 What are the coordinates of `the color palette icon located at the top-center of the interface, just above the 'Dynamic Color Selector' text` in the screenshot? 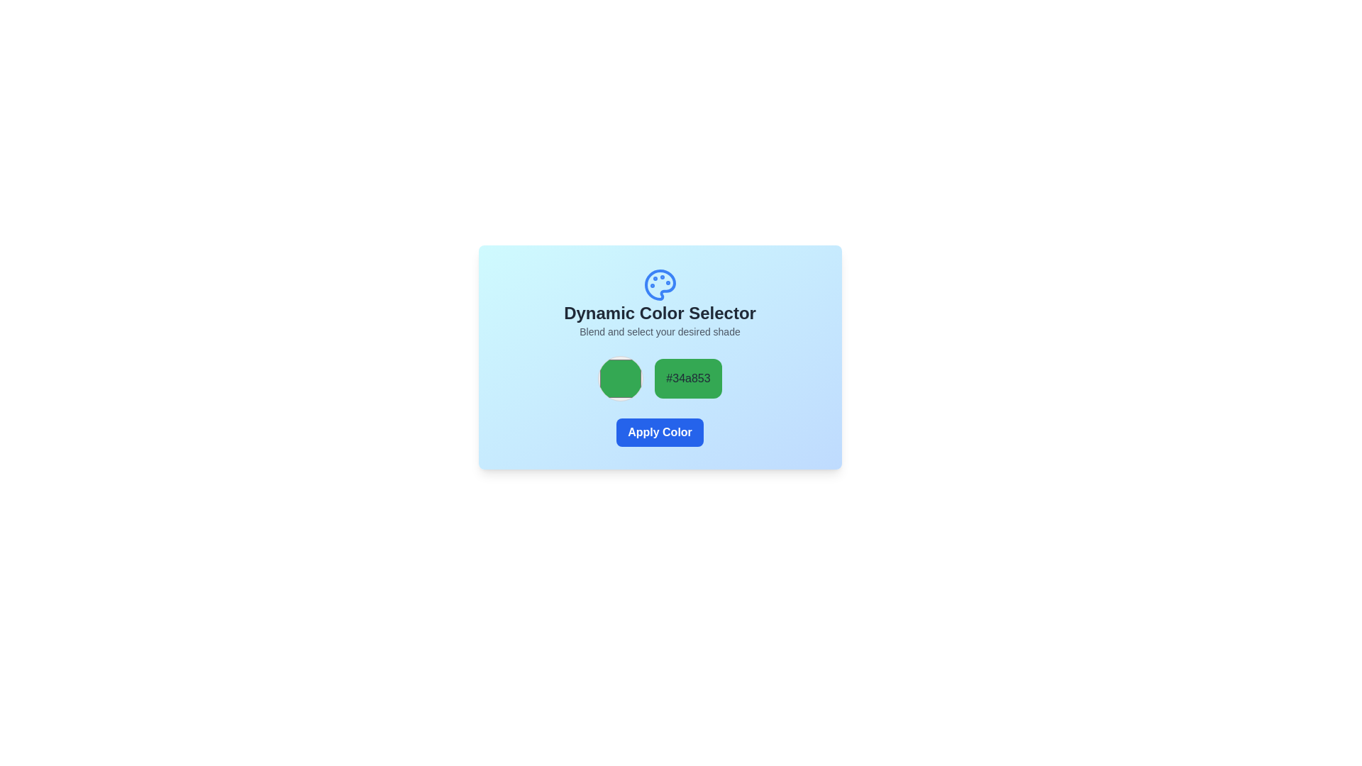 It's located at (659, 284).